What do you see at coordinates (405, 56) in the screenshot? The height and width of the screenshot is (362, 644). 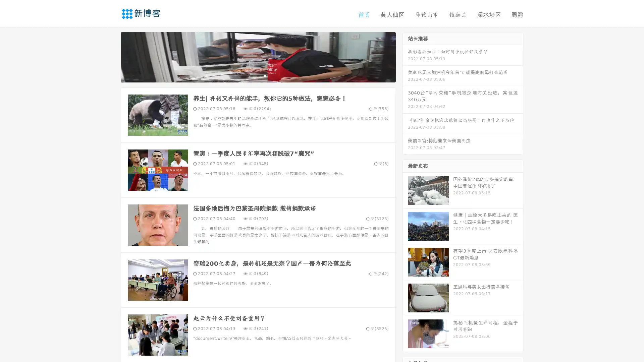 I see `Next slide` at bounding box center [405, 56].